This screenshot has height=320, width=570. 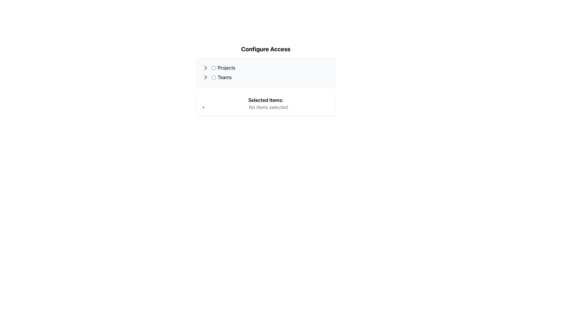 What do you see at coordinates (205, 77) in the screenshot?
I see `the right-pointing chevron icon located to the left of the 'Teams' label in the 'Configure Access' section` at bounding box center [205, 77].